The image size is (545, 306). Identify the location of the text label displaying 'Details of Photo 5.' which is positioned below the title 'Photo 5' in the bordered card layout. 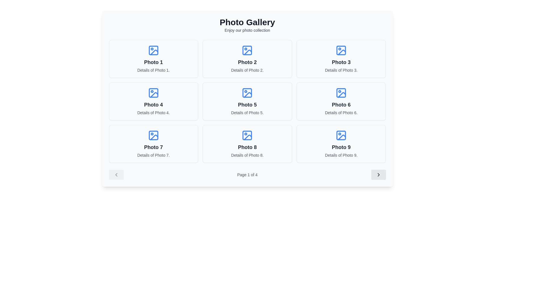
(247, 112).